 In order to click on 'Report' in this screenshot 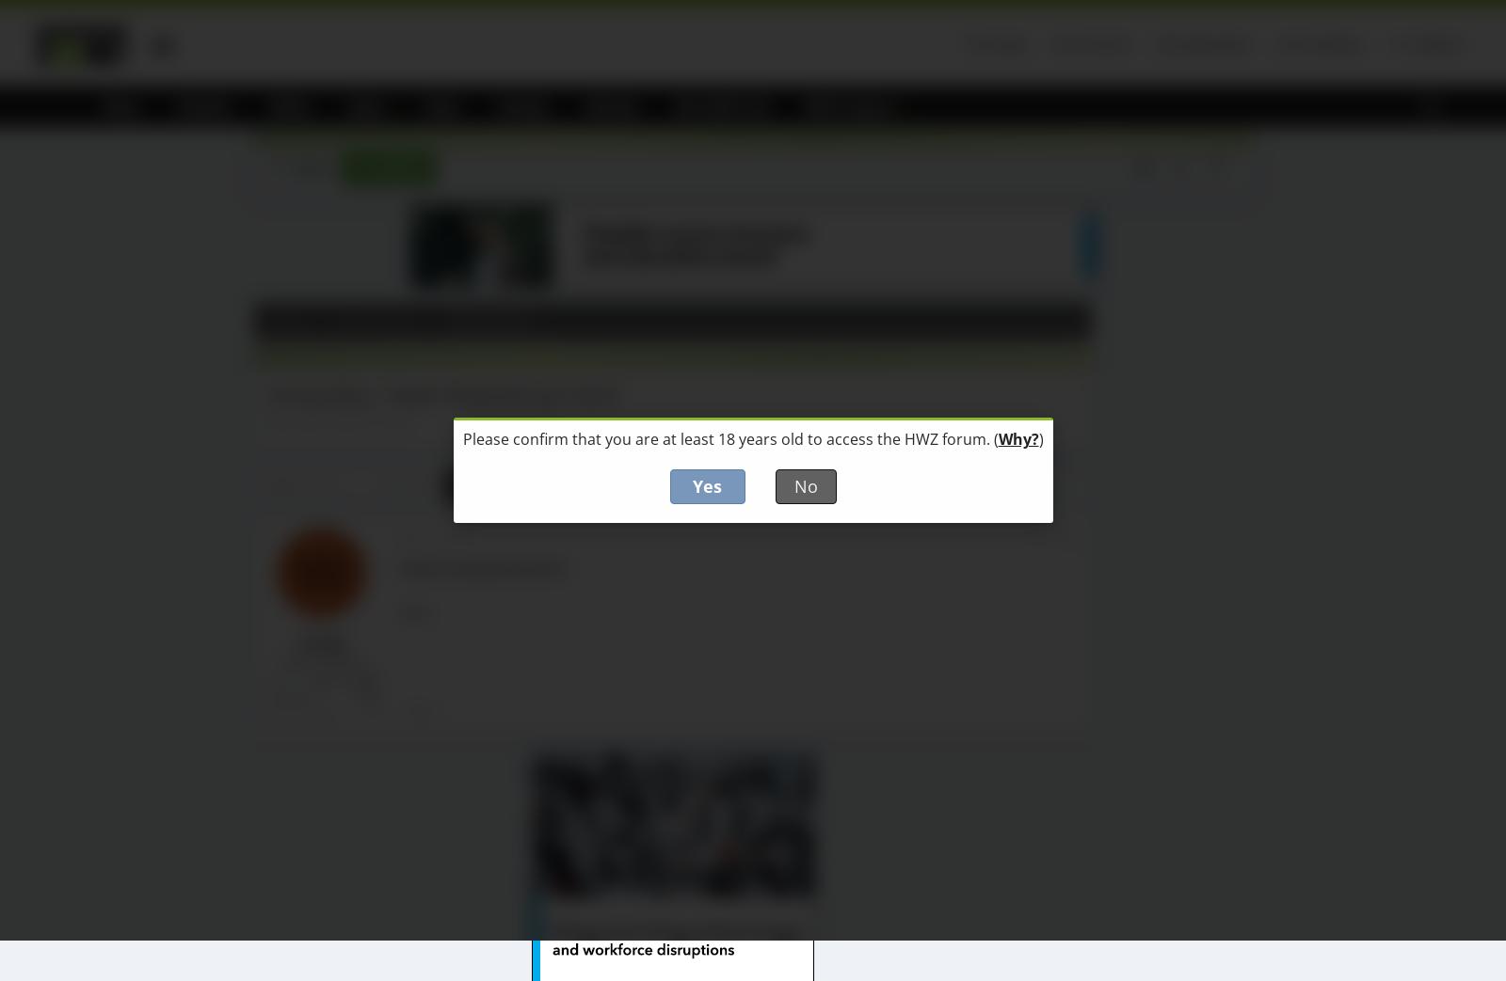, I will do `click(422, 709)`.